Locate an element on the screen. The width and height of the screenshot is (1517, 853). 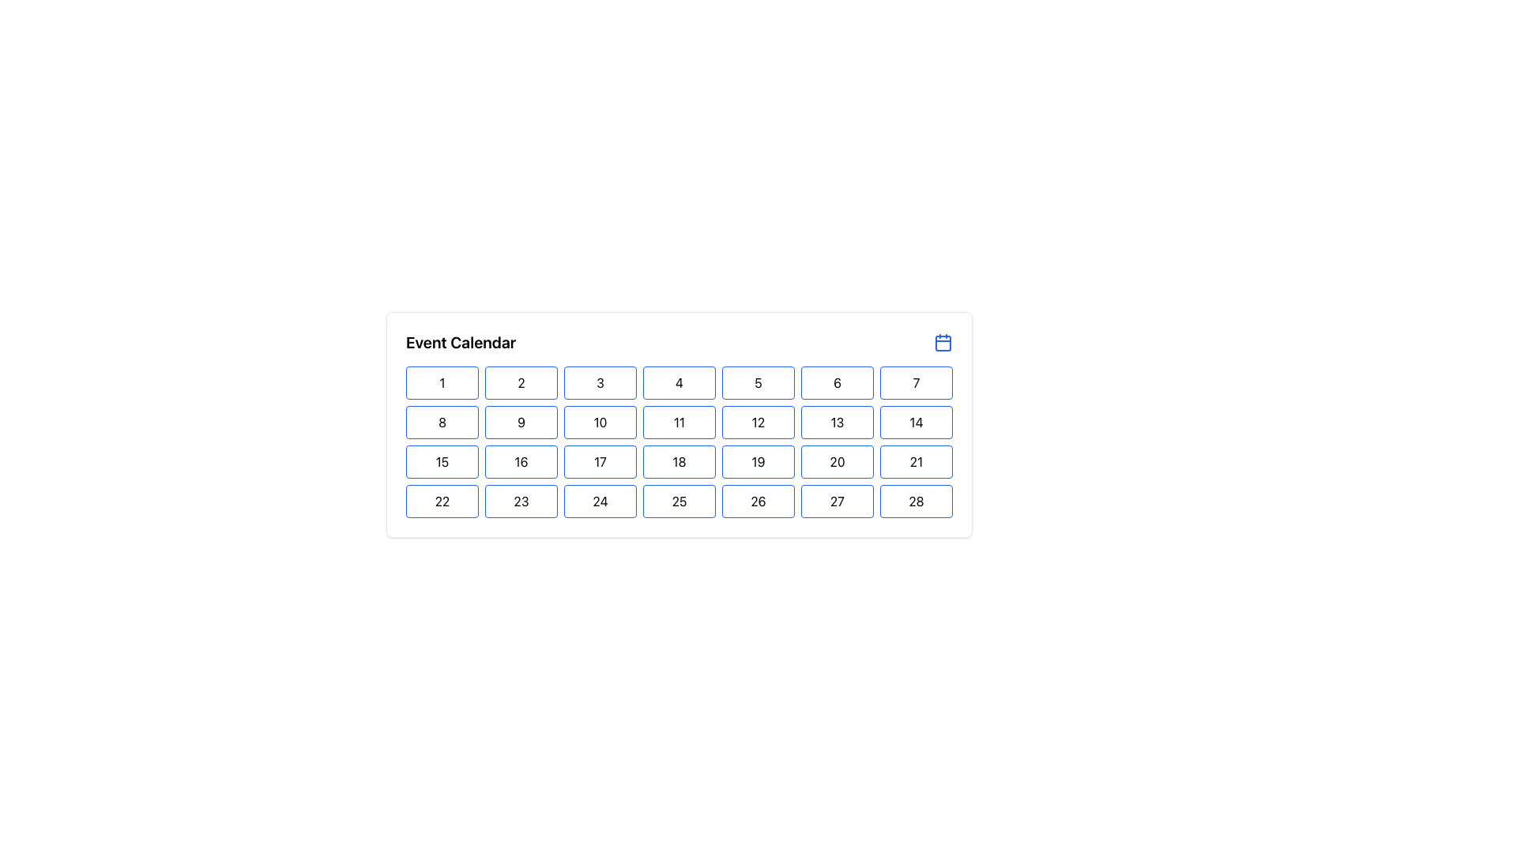
the blue-bordered rectangular button with rounded corners containing the number '3' for keyboard interaction is located at coordinates (599, 383).